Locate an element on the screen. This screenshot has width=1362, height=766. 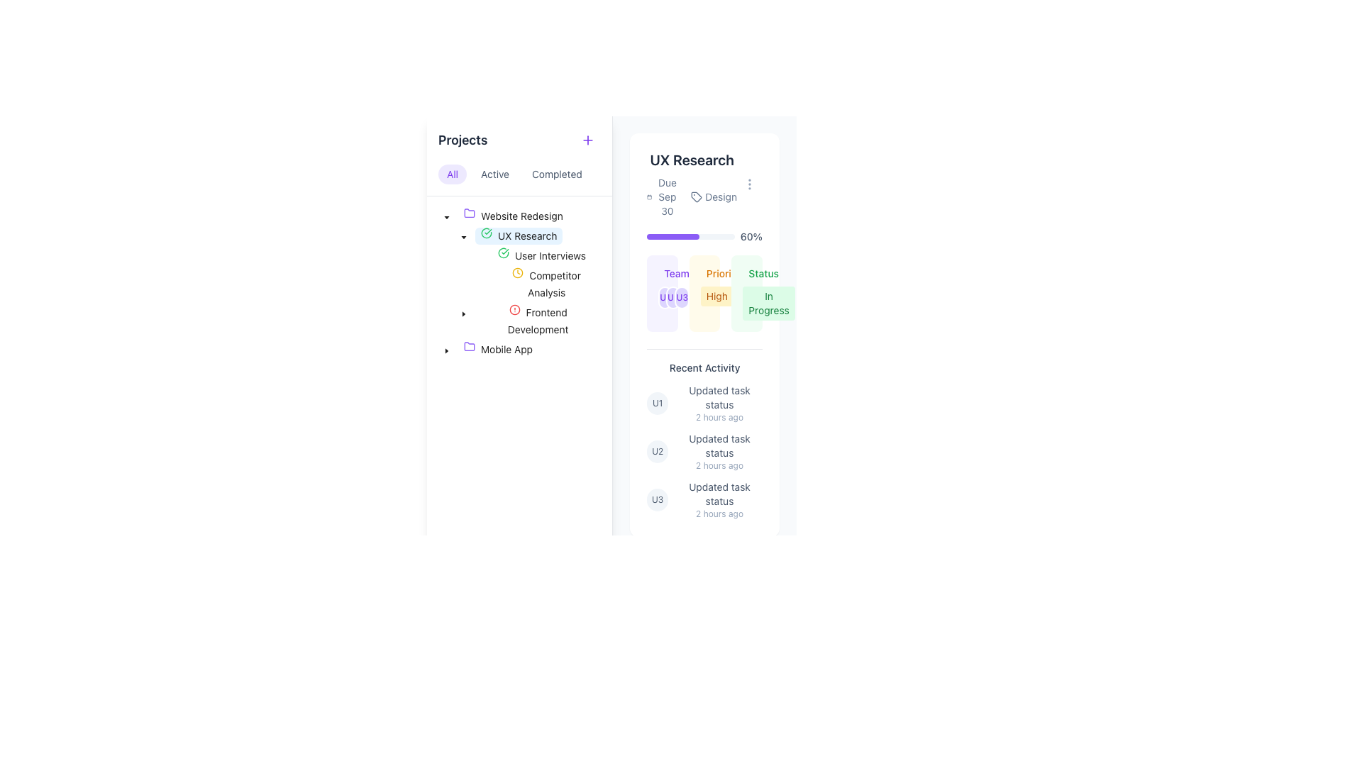
the 'Projects' heading text, which is a bold, dark slate-colored label located in the header section of the sidebar is located at coordinates (463, 140).